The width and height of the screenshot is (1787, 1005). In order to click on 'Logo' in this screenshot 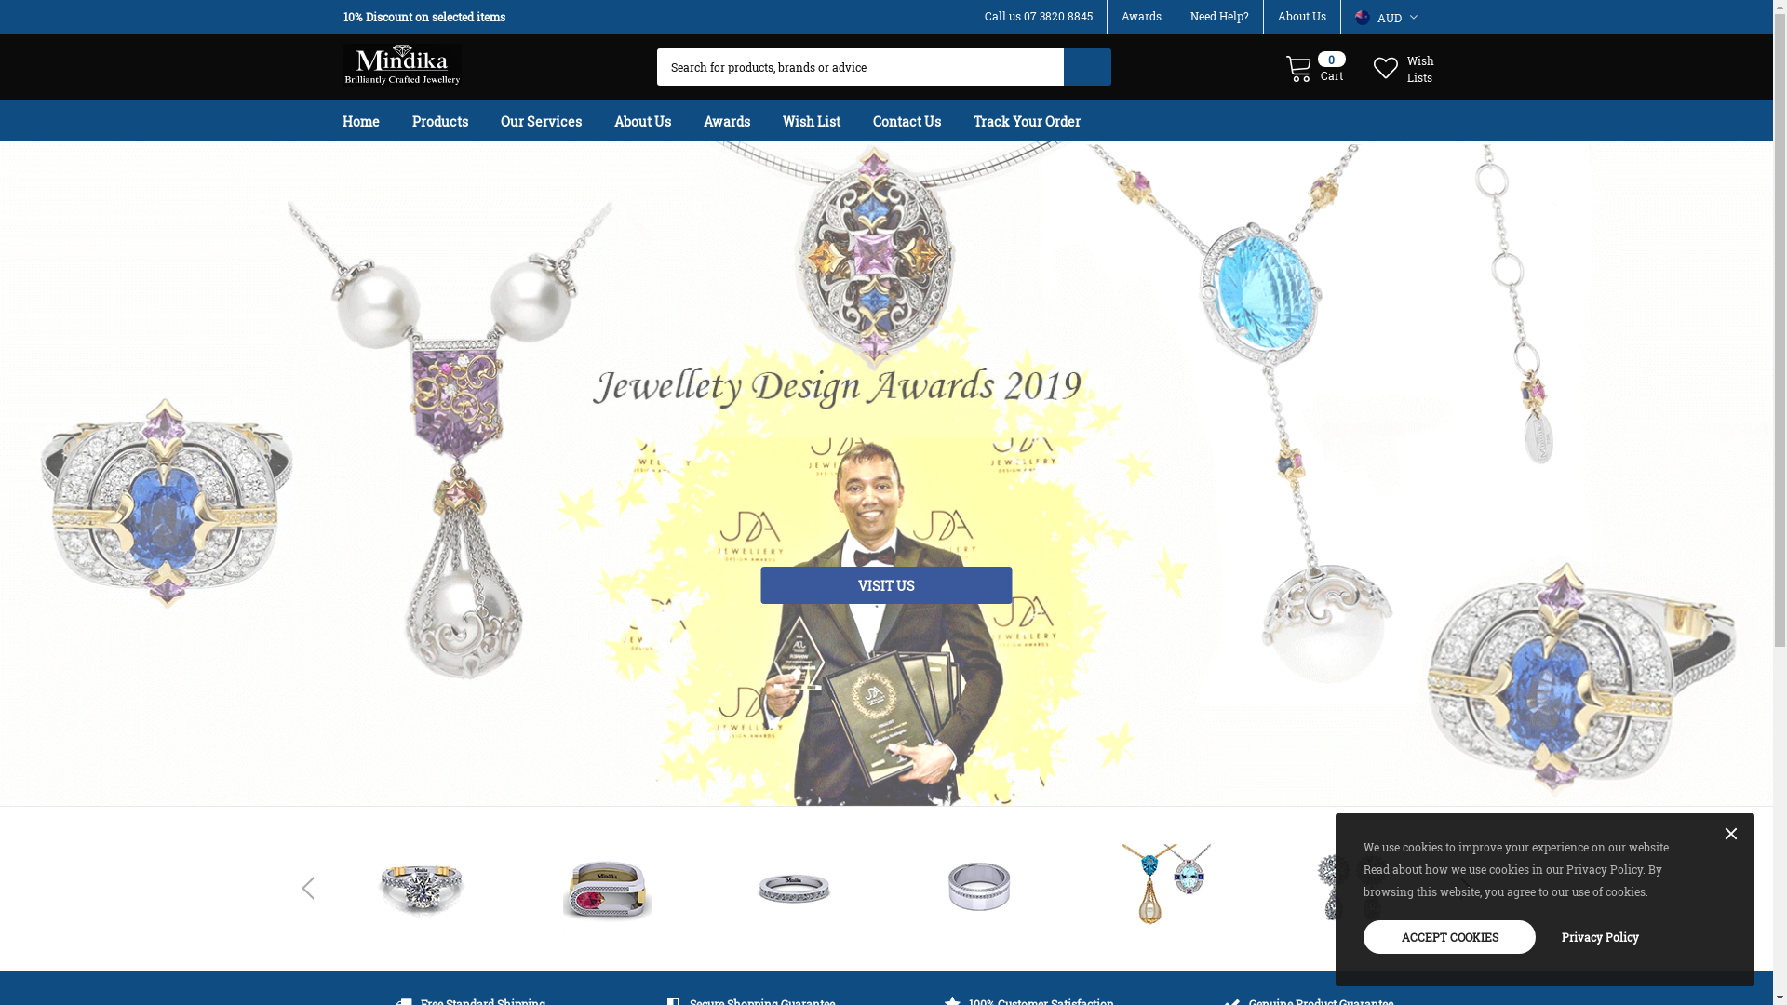, I will do `click(401, 60)`.